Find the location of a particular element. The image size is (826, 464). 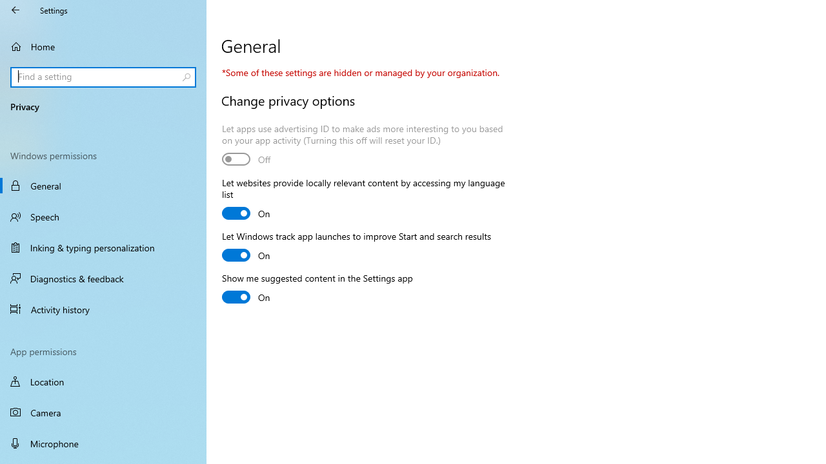

'Microphone' is located at coordinates (103, 442).